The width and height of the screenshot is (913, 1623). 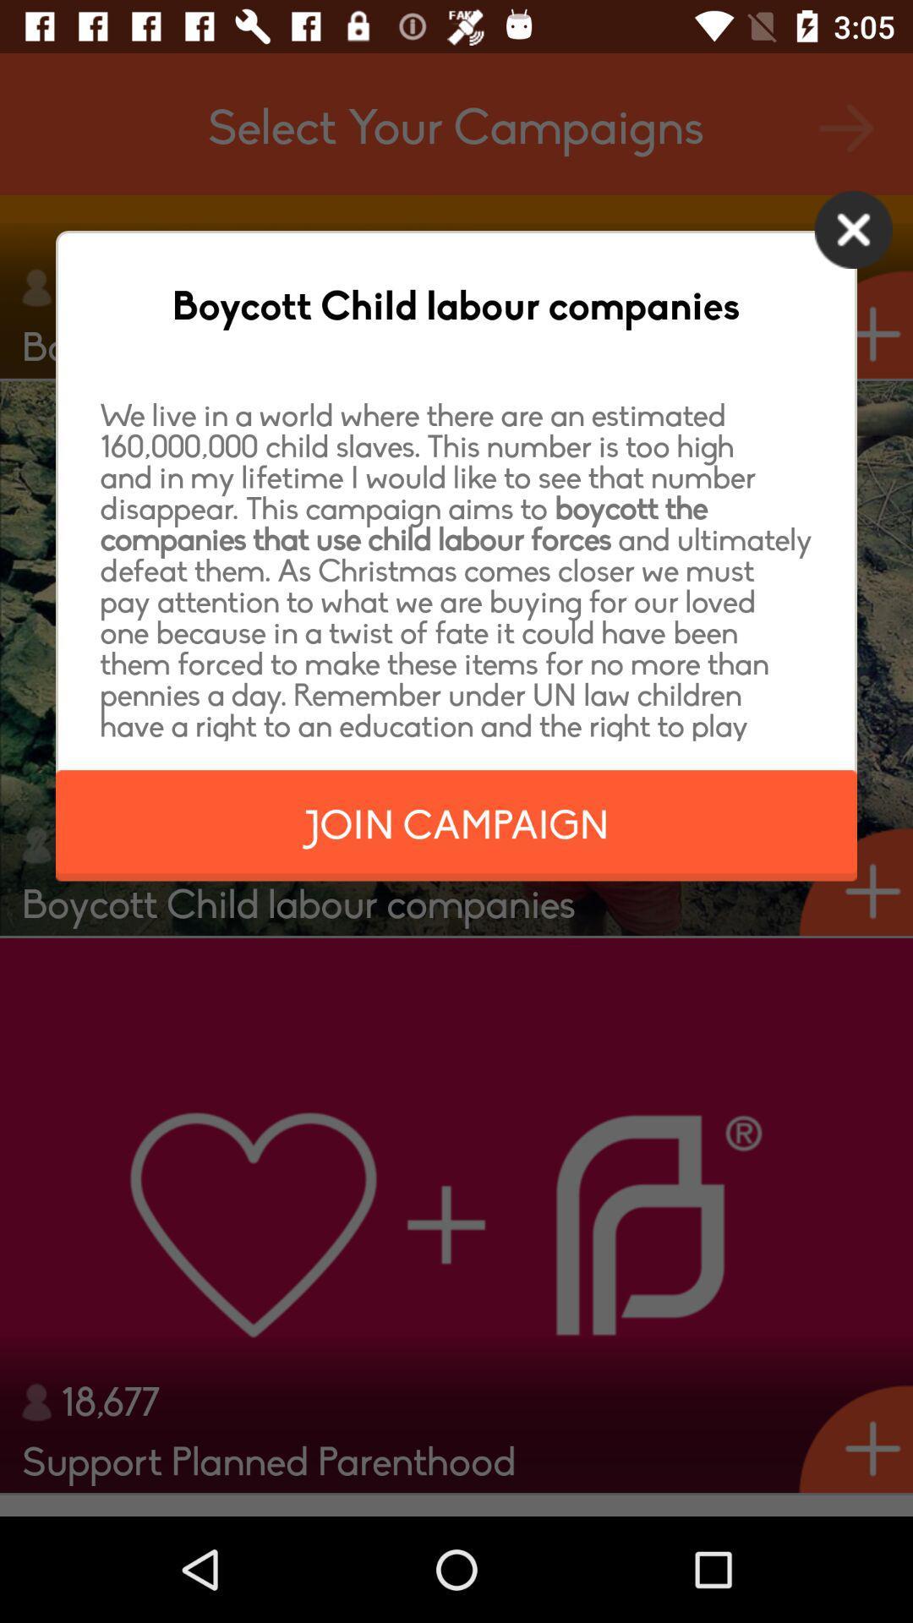 What do you see at coordinates (853, 228) in the screenshot?
I see `the icon next to the boycott child labour icon` at bounding box center [853, 228].